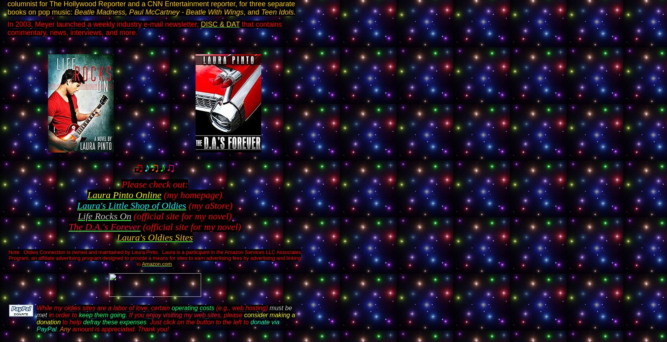 Image resolution: width=667 pixels, height=342 pixels. I want to click on 'Laura Pinto Online', so click(124, 194).